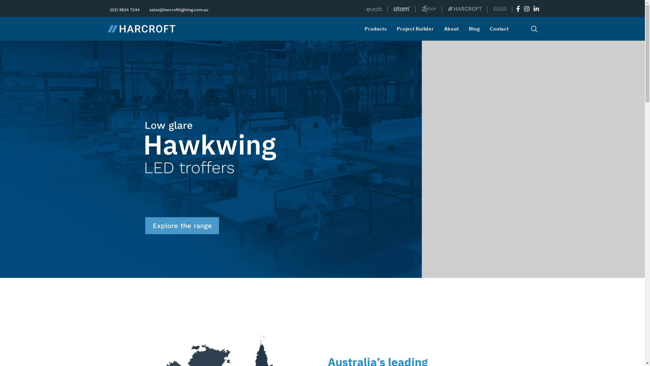 The width and height of the screenshot is (650, 366). What do you see at coordinates (182, 226) in the screenshot?
I see `'Explore the range'` at bounding box center [182, 226].